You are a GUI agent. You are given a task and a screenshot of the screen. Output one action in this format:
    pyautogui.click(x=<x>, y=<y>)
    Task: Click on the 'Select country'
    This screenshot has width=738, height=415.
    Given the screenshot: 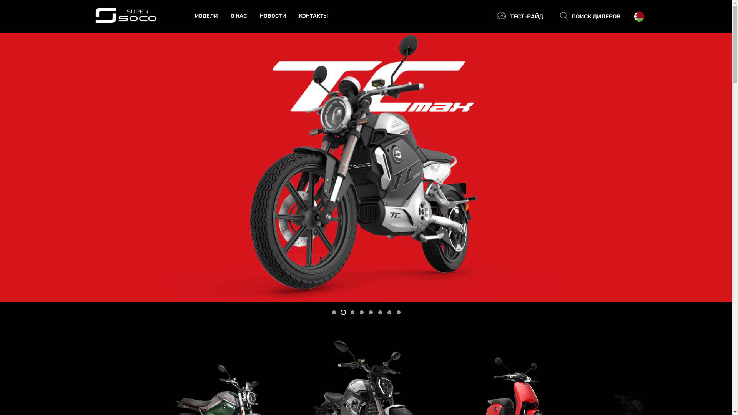 What is the action you would take?
    pyautogui.click(x=639, y=16)
    